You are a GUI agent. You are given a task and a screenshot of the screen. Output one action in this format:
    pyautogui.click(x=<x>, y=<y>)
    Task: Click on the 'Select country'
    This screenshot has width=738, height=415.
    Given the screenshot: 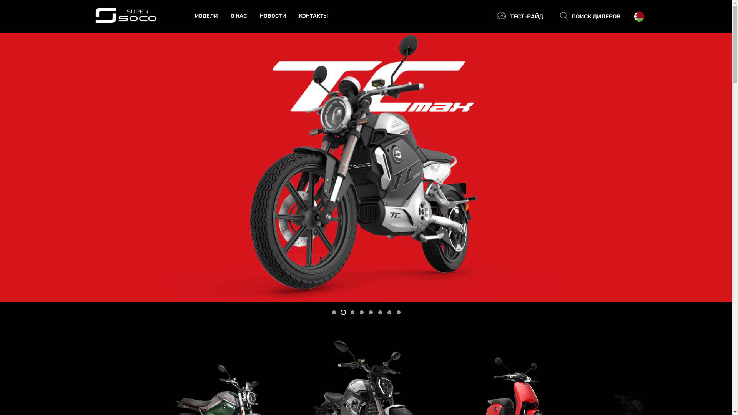 What is the action you would take?
    pyautogui.click(x=639, y=16)
    